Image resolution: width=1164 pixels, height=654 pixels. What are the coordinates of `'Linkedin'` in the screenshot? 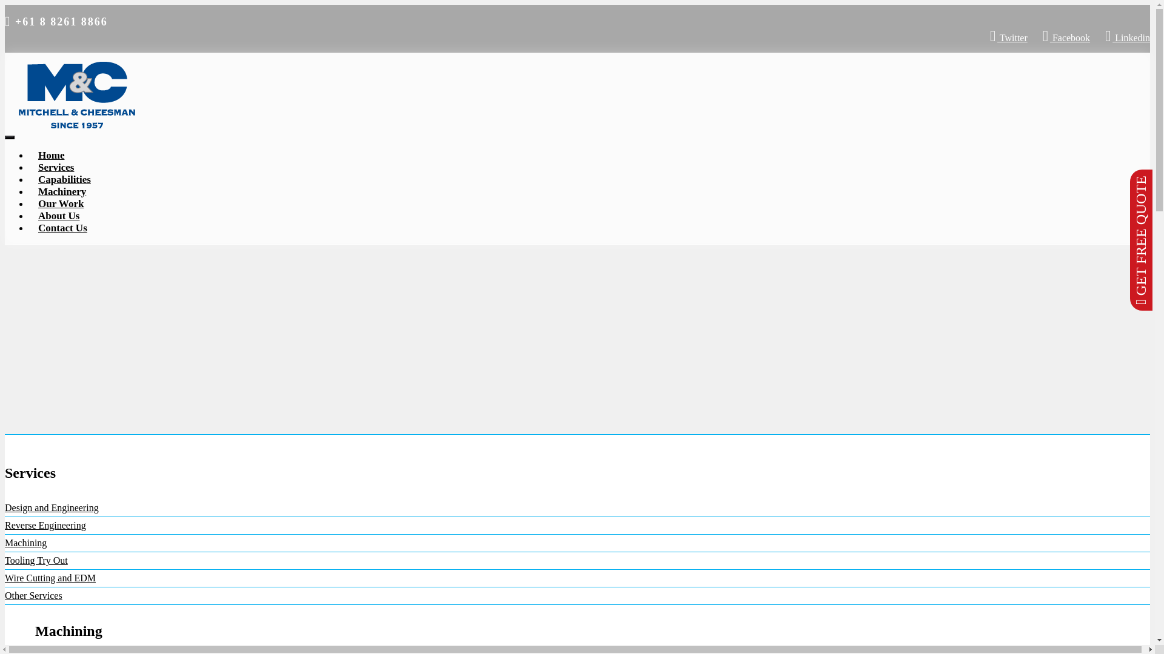 It's located at (1127, 37).